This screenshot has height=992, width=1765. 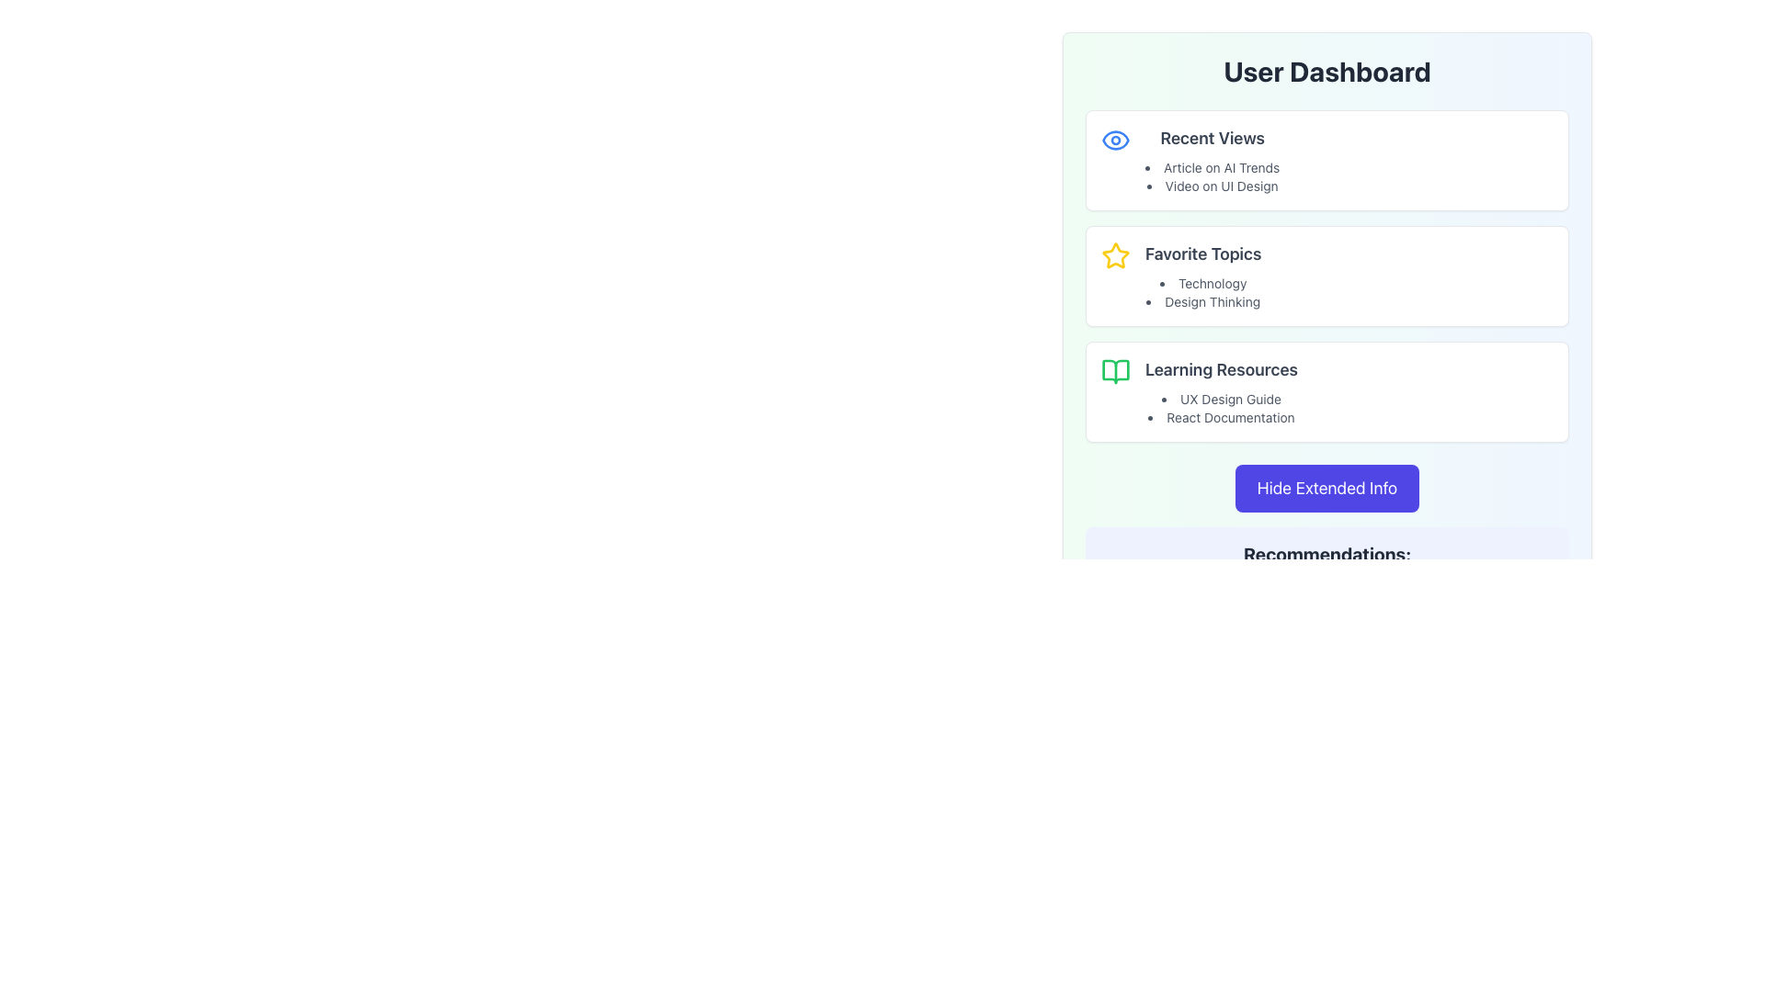 I want to click on the links on the third card in the vertical list under the 'User Dashboard' section, so click(x=1327, y=391).